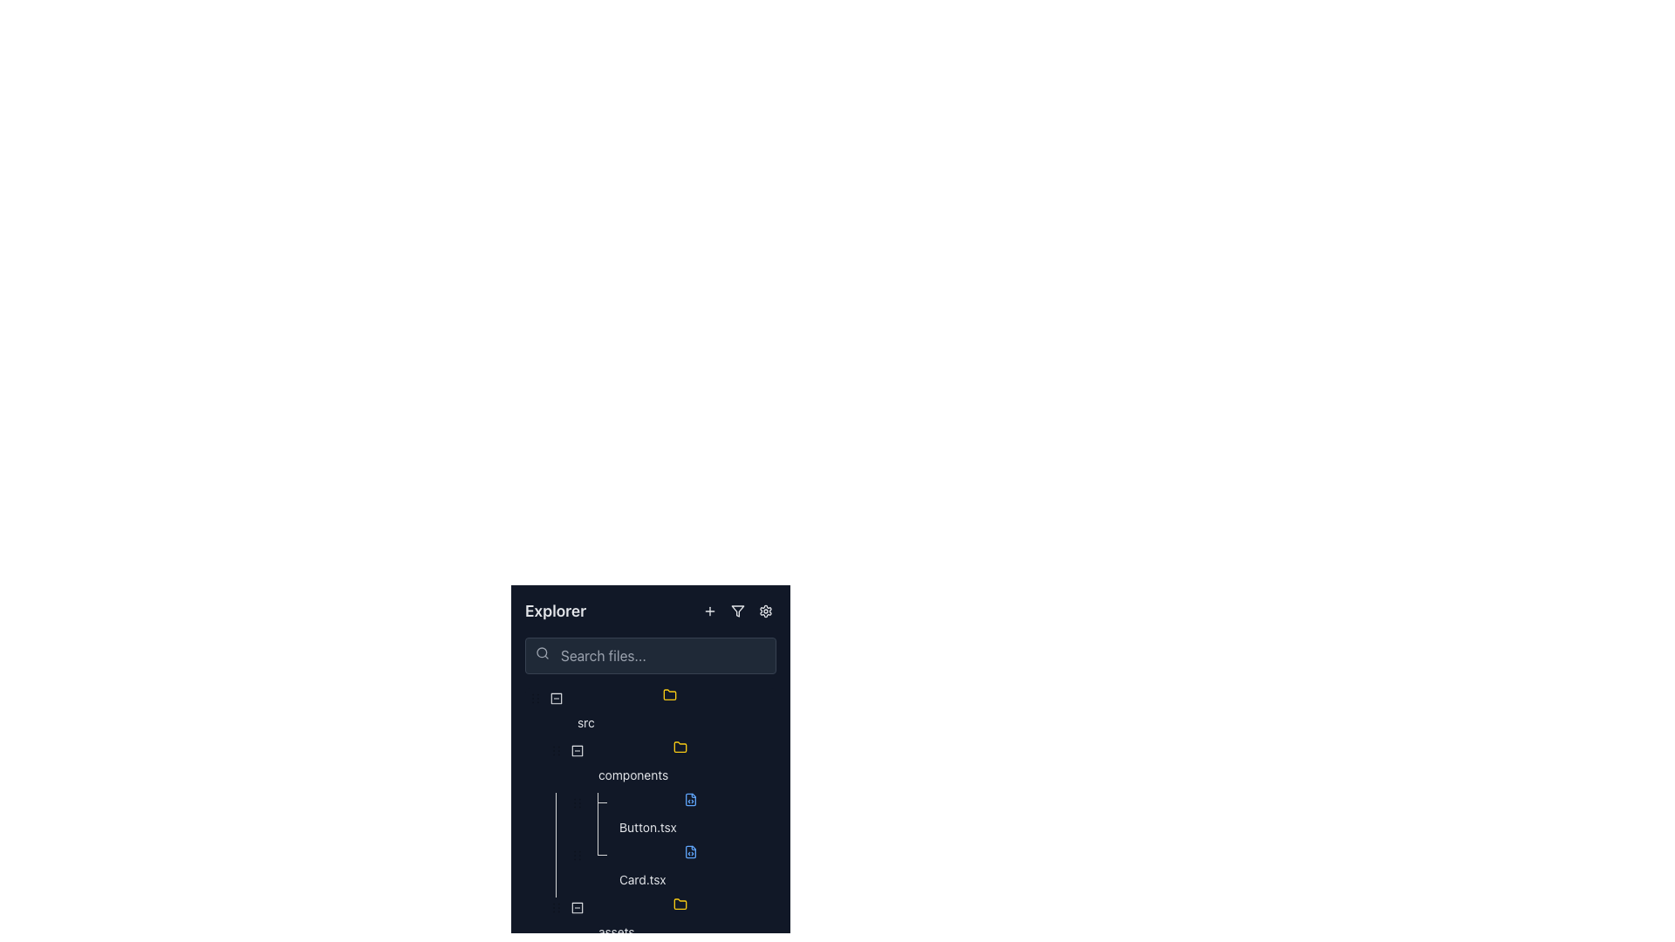 The width and height of the screenshot is (1675, 942). What do you see at coordinates (679, 904) in the screenshot?
I see `the folder icon located within the tree structure of the file explorer interface, specifically aligned to the left of the label for the corresponding folder under the 'src' directory` at bounding box center [679, 904].